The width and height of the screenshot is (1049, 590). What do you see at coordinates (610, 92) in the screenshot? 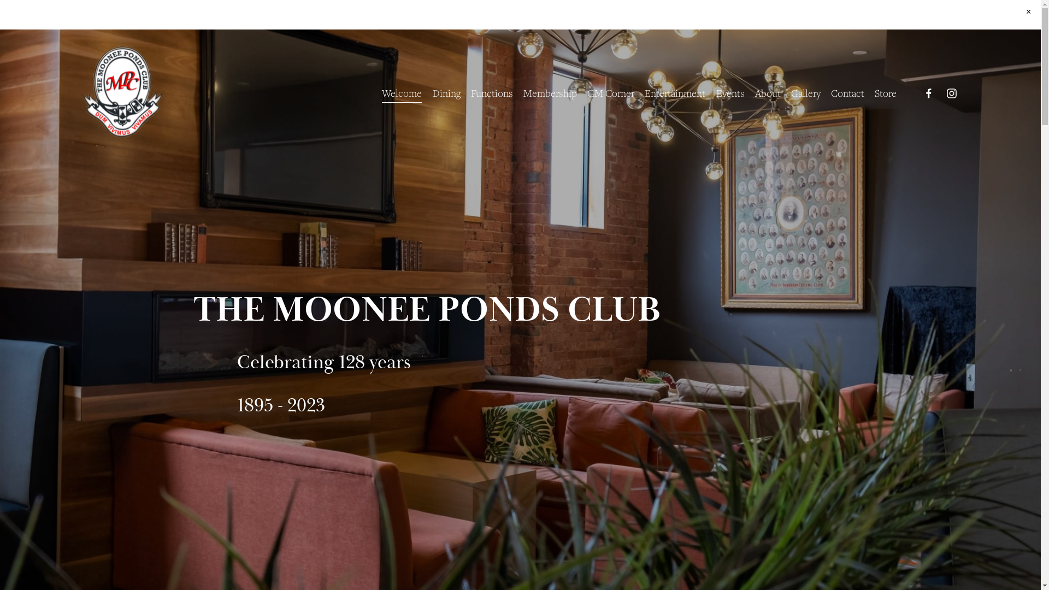
I see `'GM Corner'` at bounding box center [610, 92].